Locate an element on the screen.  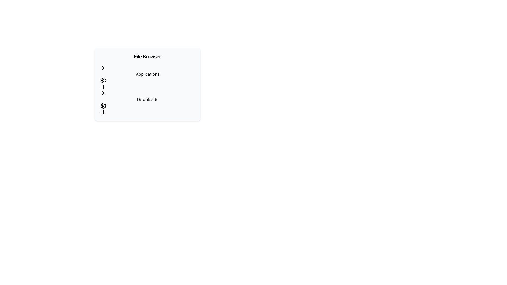
the cogwheel icon located on the left side of a white panel is located at coordinates (103, 80).